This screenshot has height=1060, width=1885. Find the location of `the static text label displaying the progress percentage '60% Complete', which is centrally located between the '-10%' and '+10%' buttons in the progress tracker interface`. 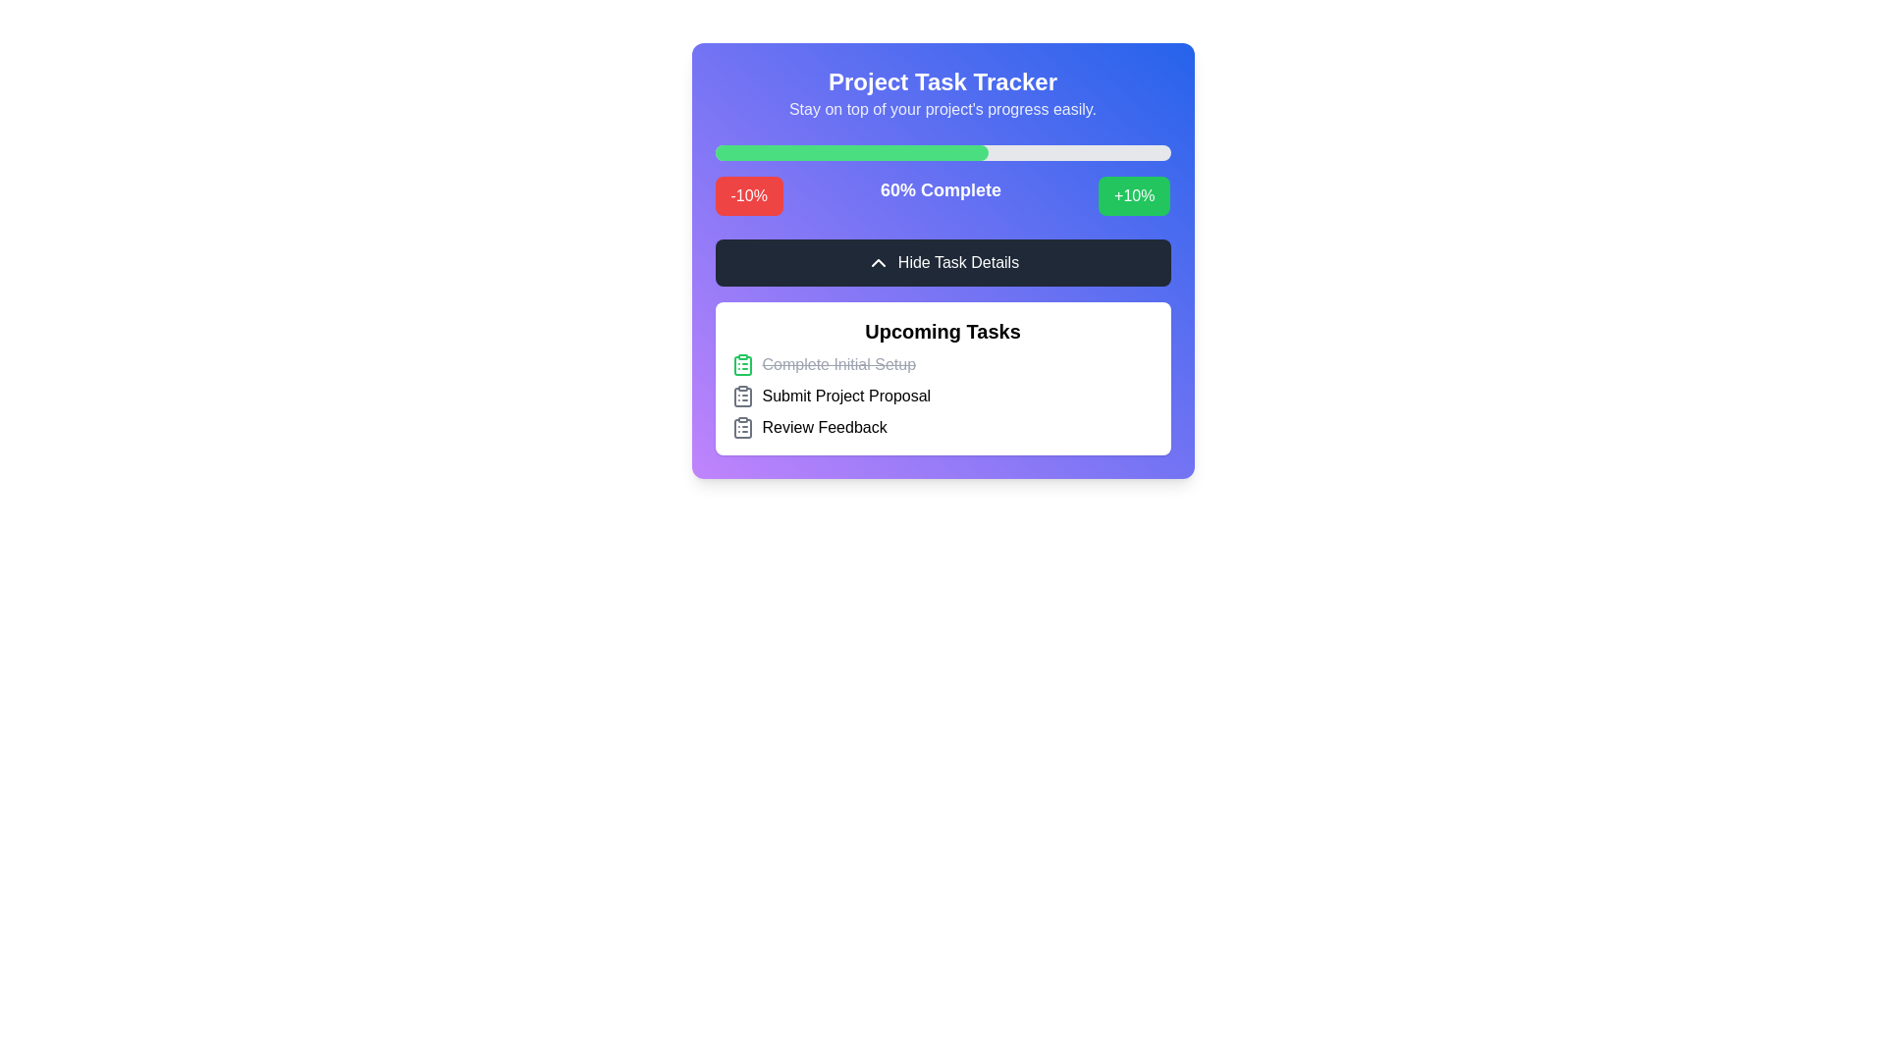

the static text label displaying the progress percentage '60% Complete', which is centrally located between the '-10%' and '+10%' buttons in the progress tracker interface is located at coordinates (940, 196).